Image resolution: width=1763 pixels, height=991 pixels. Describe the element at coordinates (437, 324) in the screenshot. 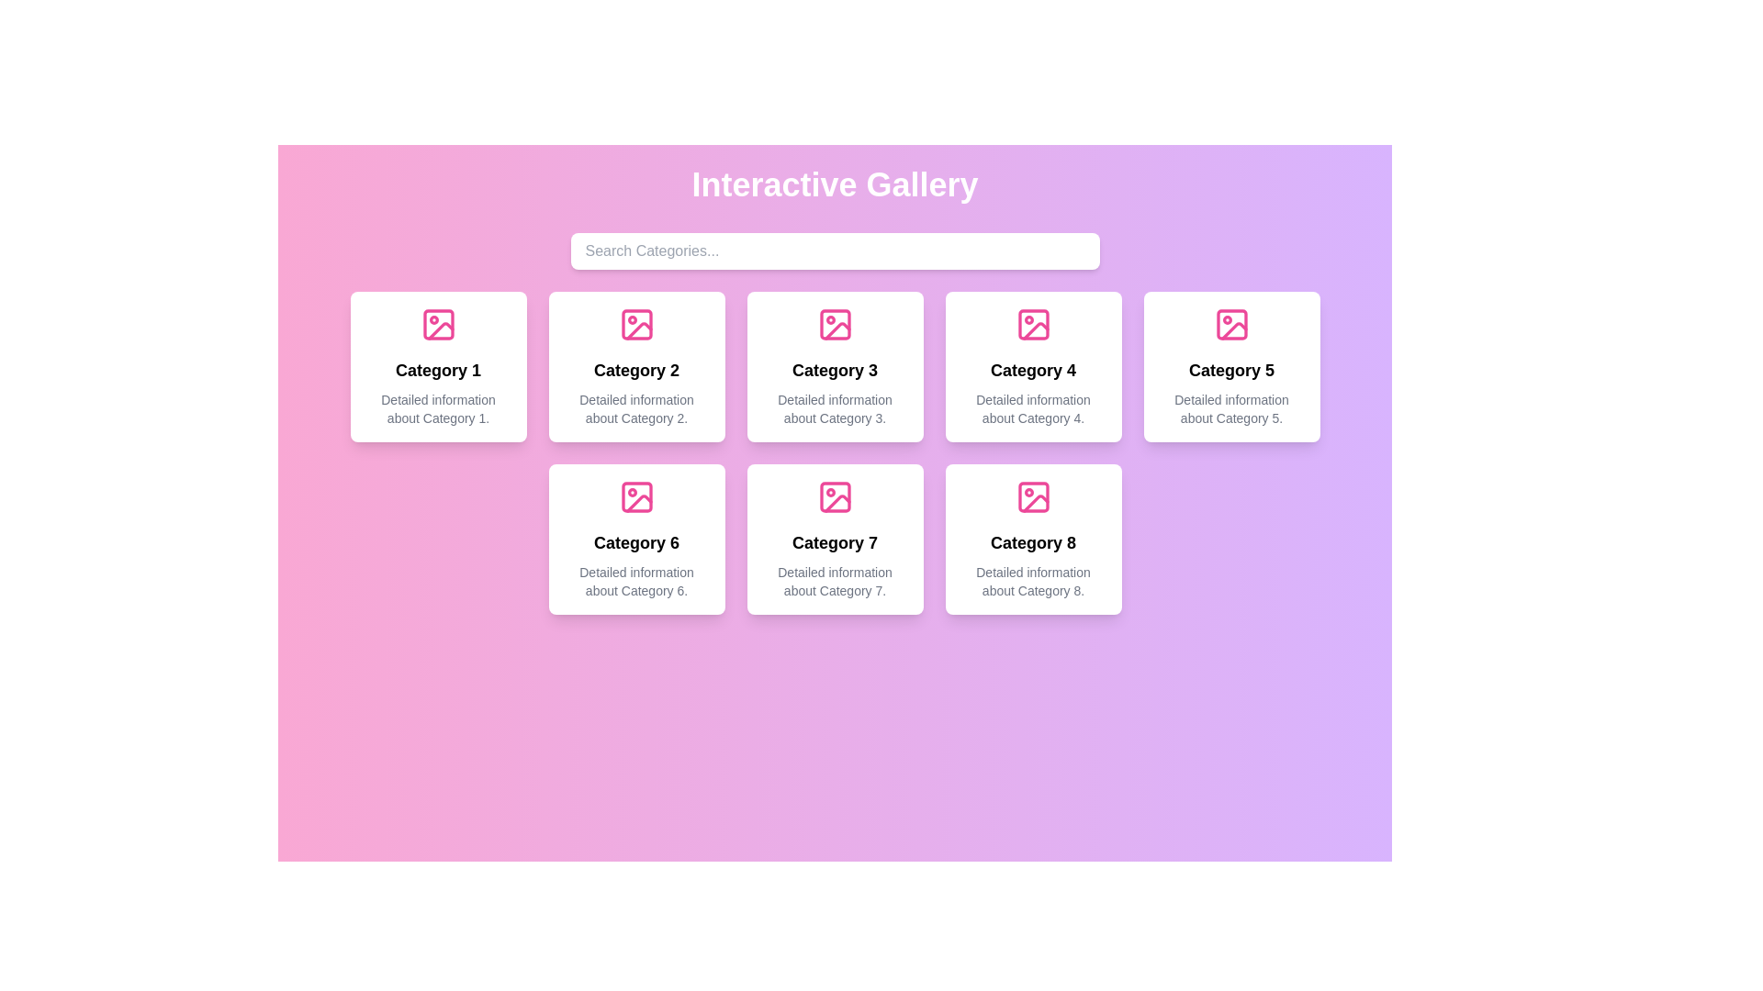

I see `the SVG icon located at the center-top of the card labeled 'Category 1', which is the first item in the grid layout` at that location.